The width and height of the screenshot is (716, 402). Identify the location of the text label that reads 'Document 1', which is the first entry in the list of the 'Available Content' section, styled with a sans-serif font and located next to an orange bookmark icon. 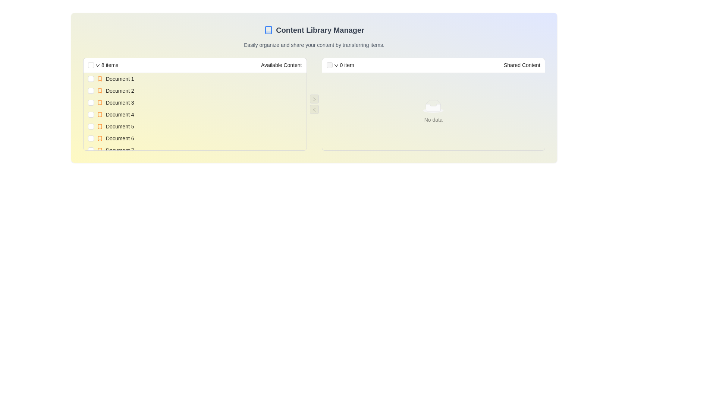
(120, 79).